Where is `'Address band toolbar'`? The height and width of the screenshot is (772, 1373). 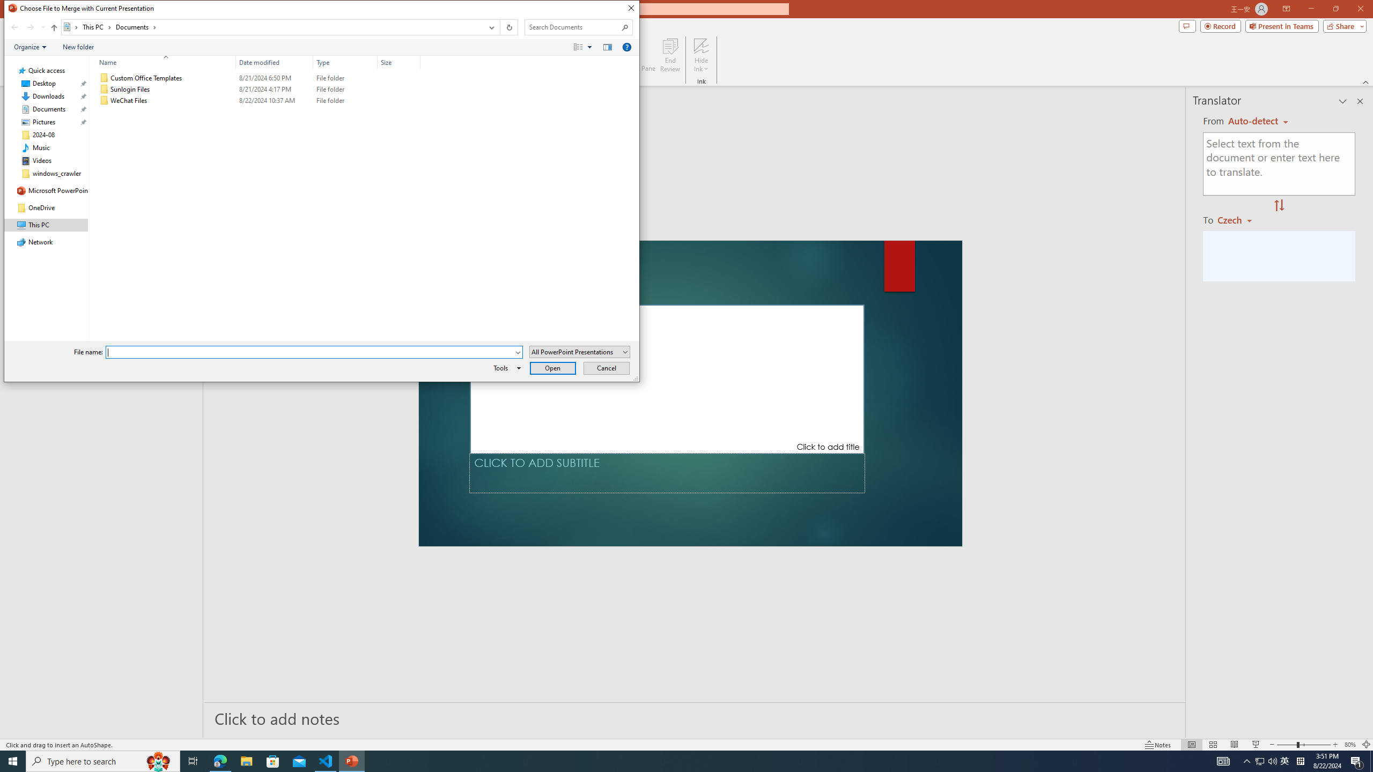 'Address band toolbar' is located at coordinates (499, 27).